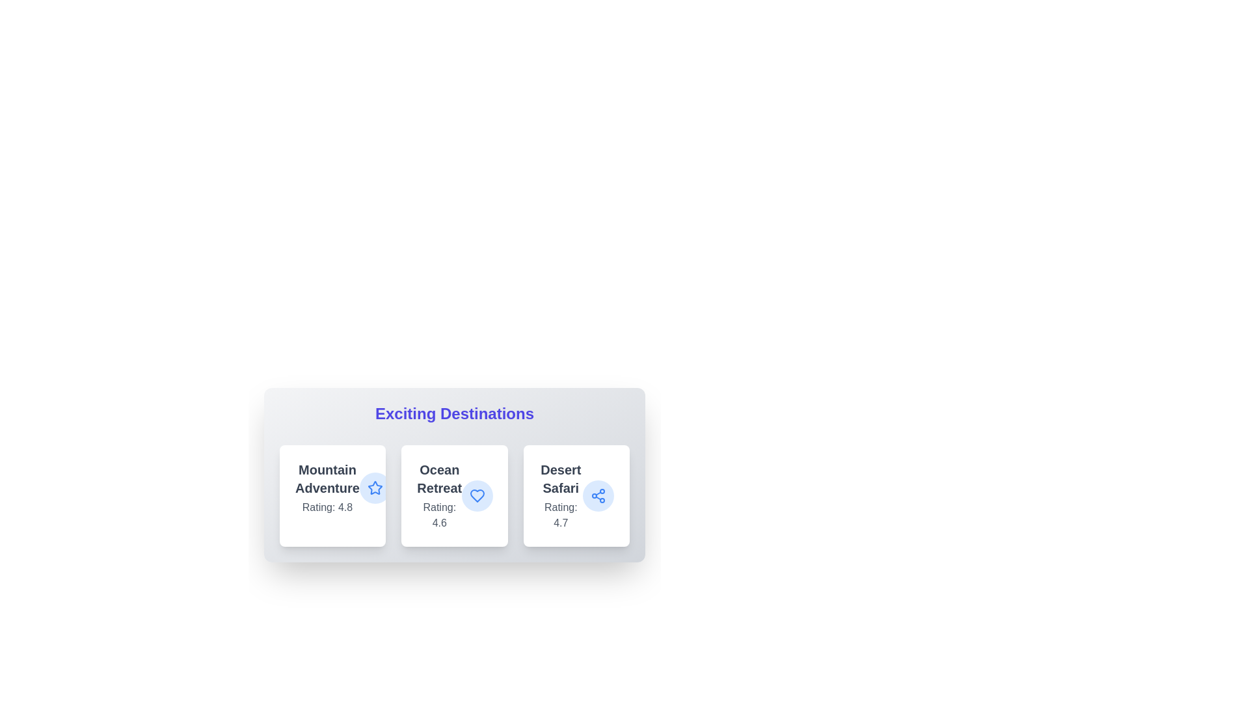 The width and height of the screenshot is (1249, 703). Describe the element at coordinates (327, 479) in the screenshot. I see `the text of the card labeled 'Mountain Adventure' to highlight or copy it` at that location.